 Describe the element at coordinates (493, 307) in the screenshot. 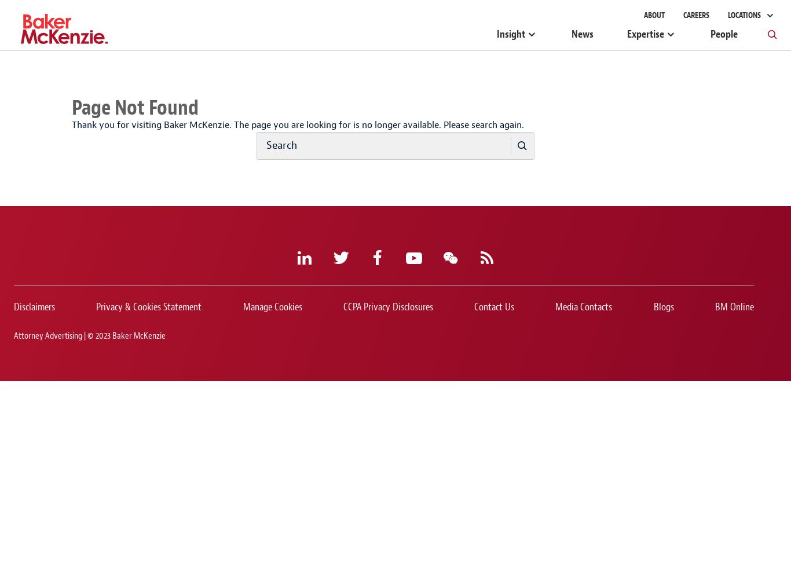

I see `'Contact Us'` at that location.